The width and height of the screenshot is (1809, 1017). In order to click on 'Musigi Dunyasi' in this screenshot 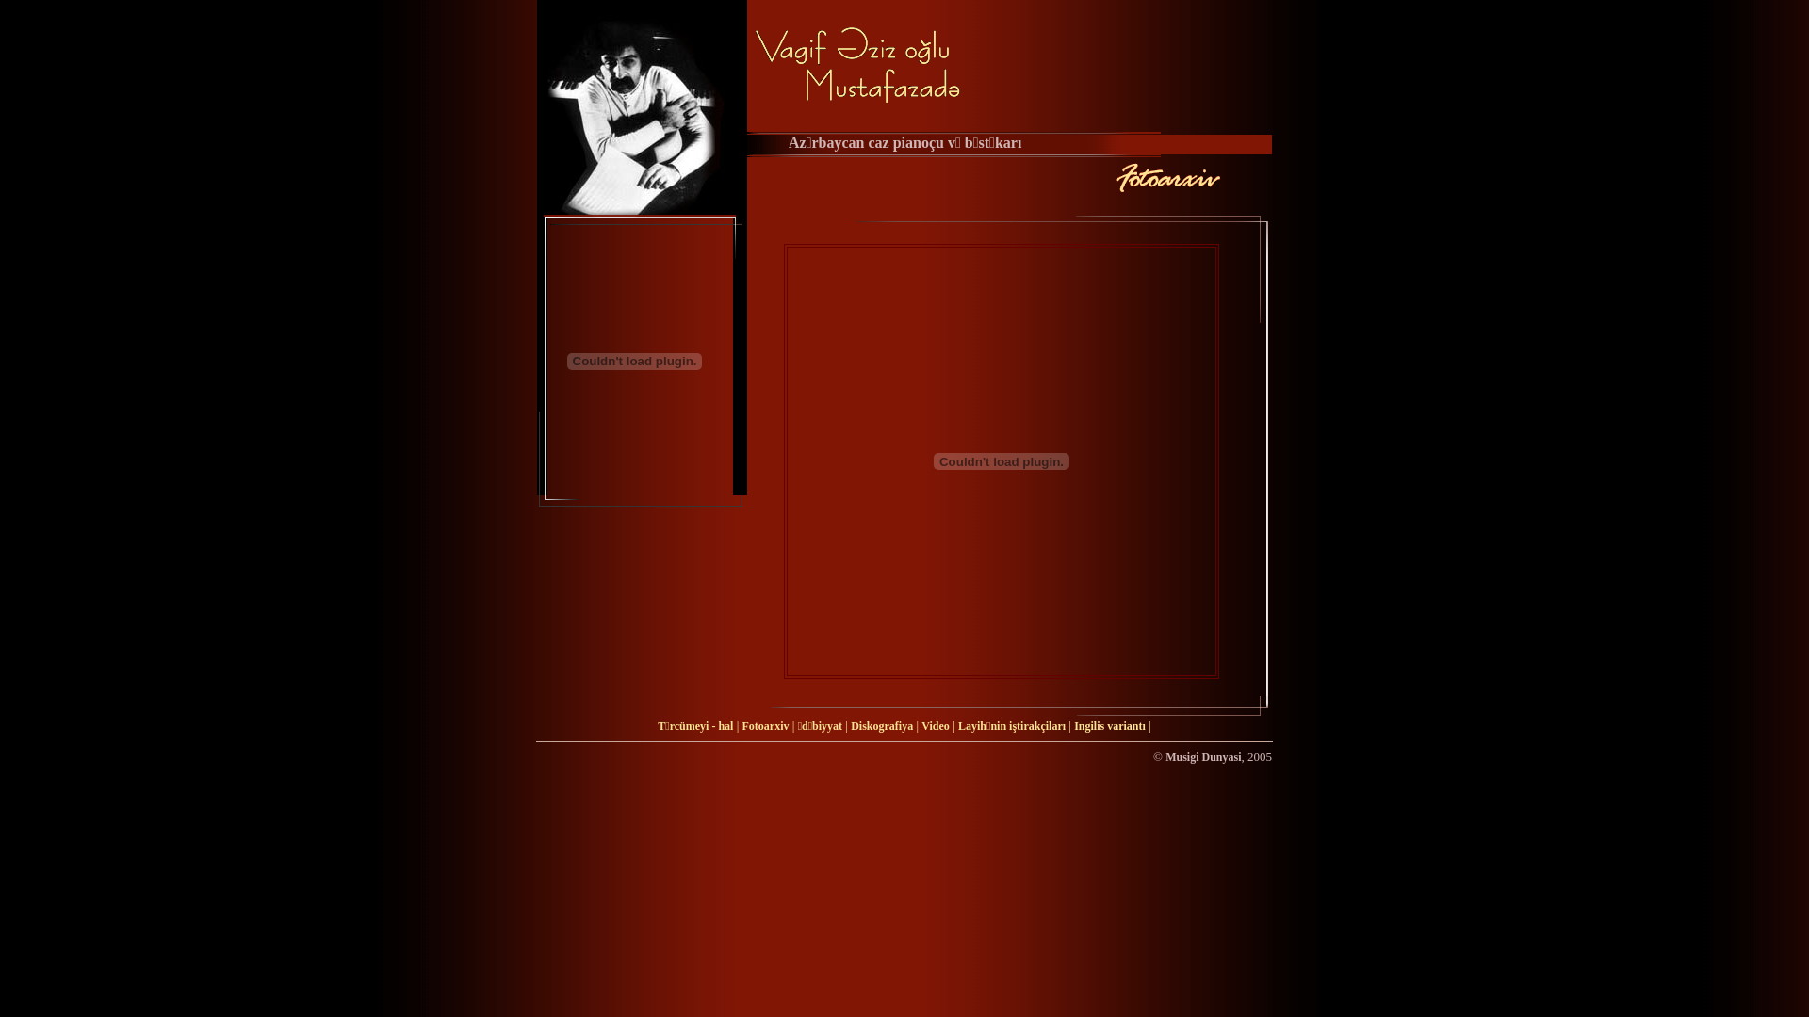, I will do `click(1201, 755)`.